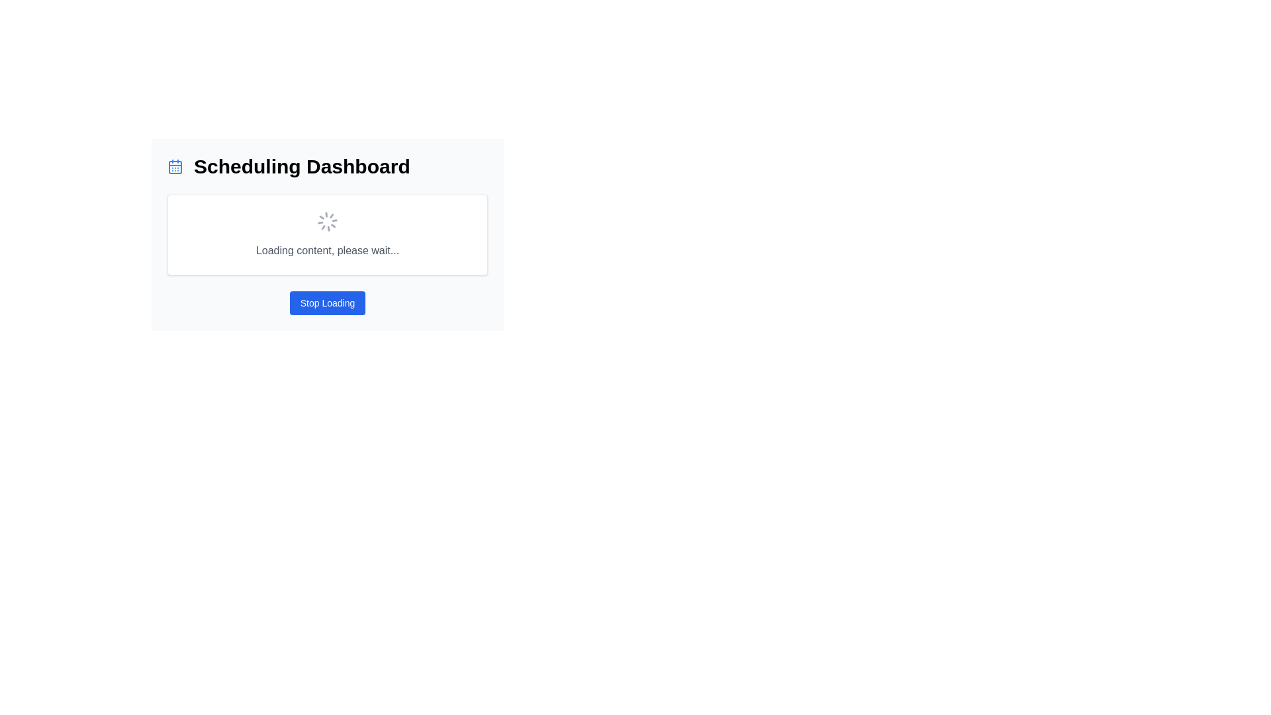 The width and height of the screenshot is (1271, 715). What do you see at coordinates (327, 166) in the screenshot?
I see `the 'Scheduling Dashboard' title element, which features a bold and large font alongside a blue calendar icon, positioned at the top of the layout's central content area` at bounding box center [327, 166].